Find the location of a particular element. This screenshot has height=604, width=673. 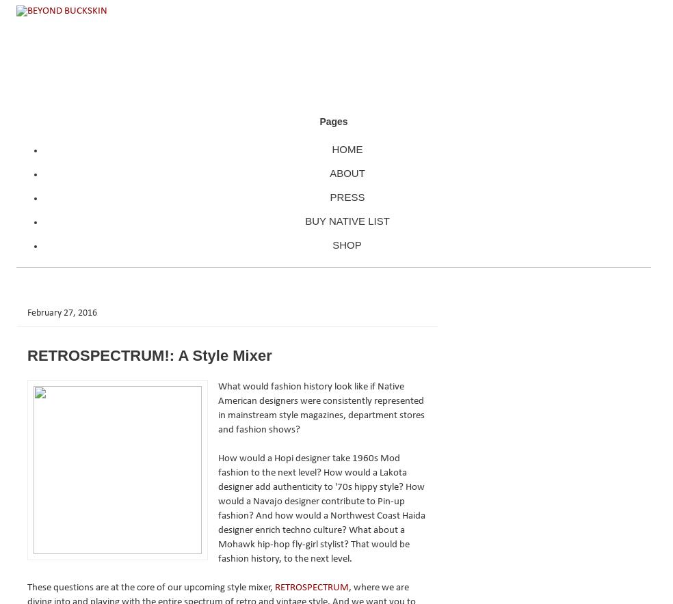

'RETROSPECTRUM!: A Style Mixer' is located at coordinates (27, 355).